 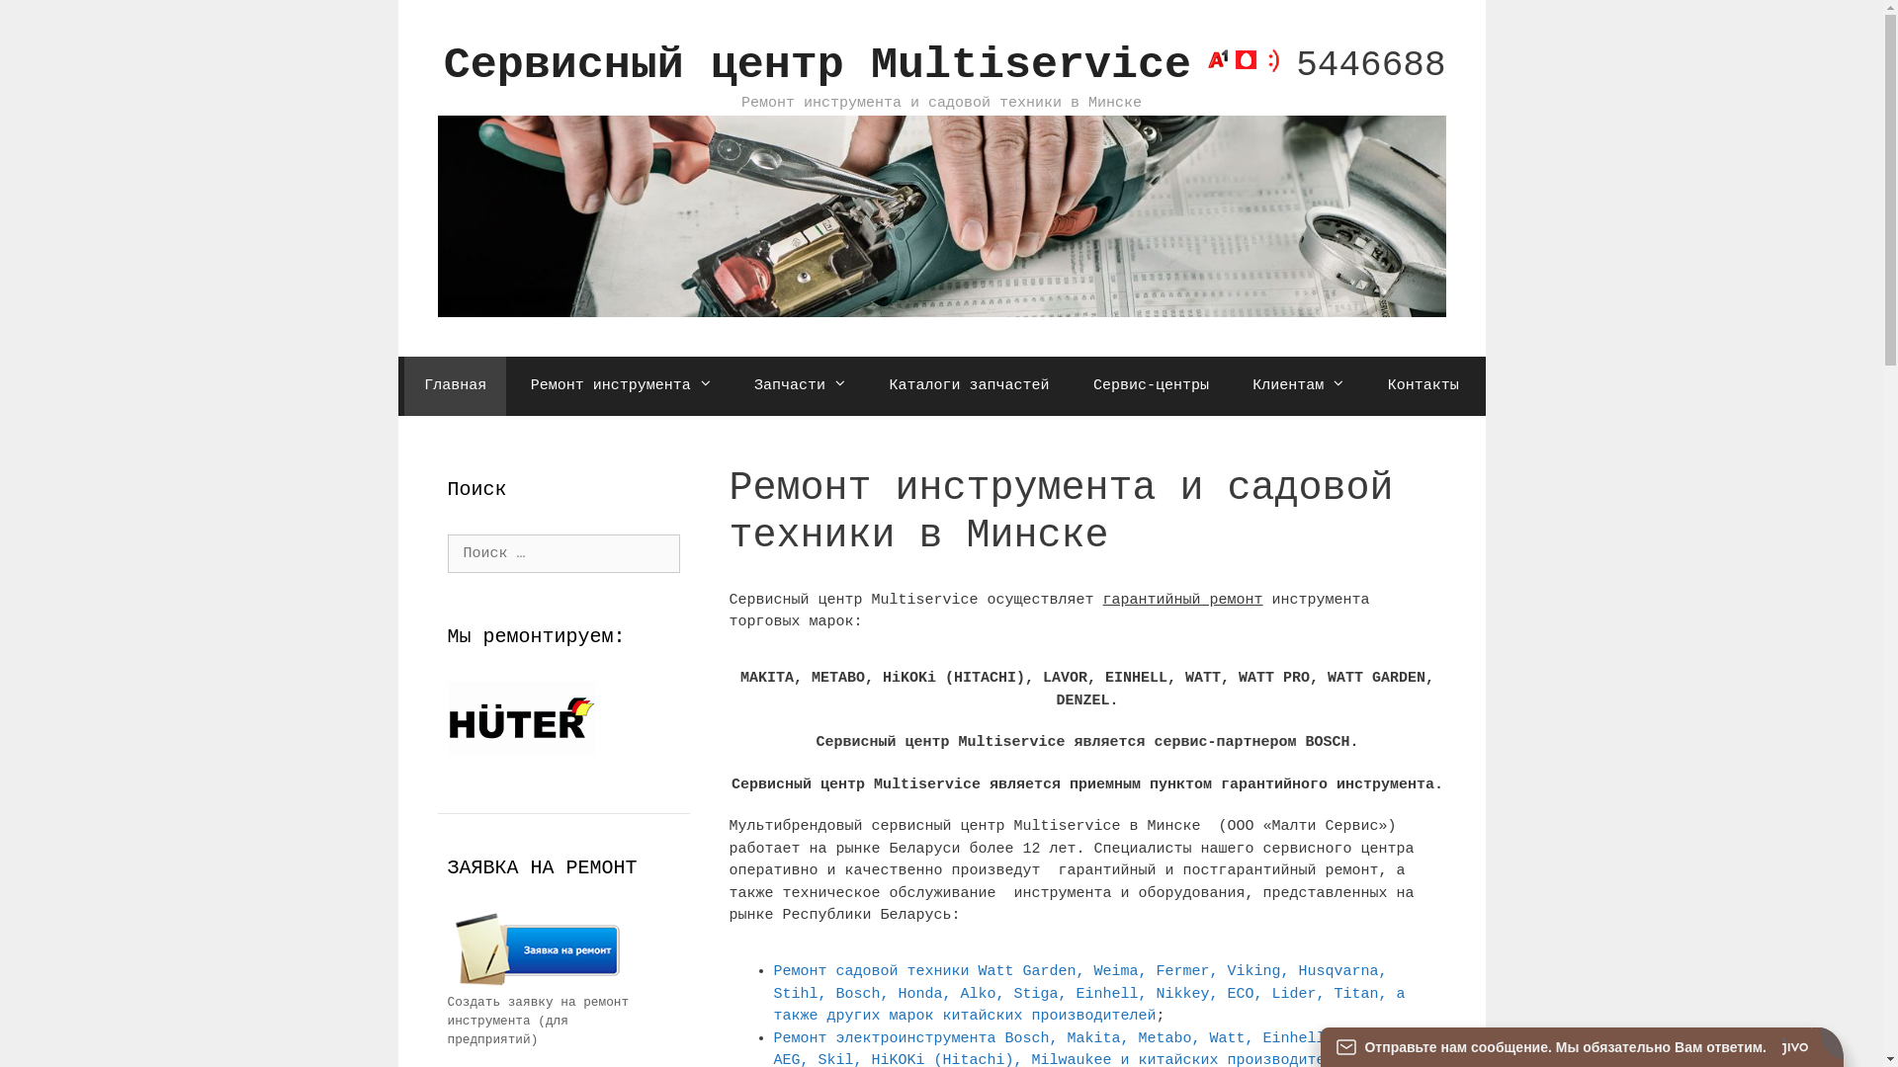 I want to click on '5446688', so click(x=1321, y=64).